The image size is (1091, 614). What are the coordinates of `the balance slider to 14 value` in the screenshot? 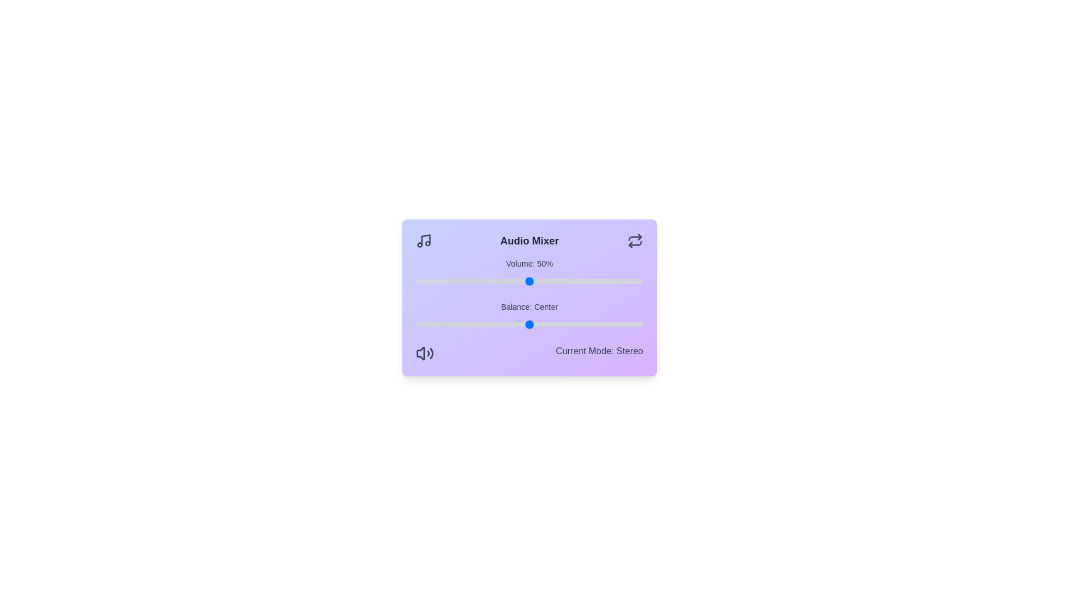 It's located at (561, 324).